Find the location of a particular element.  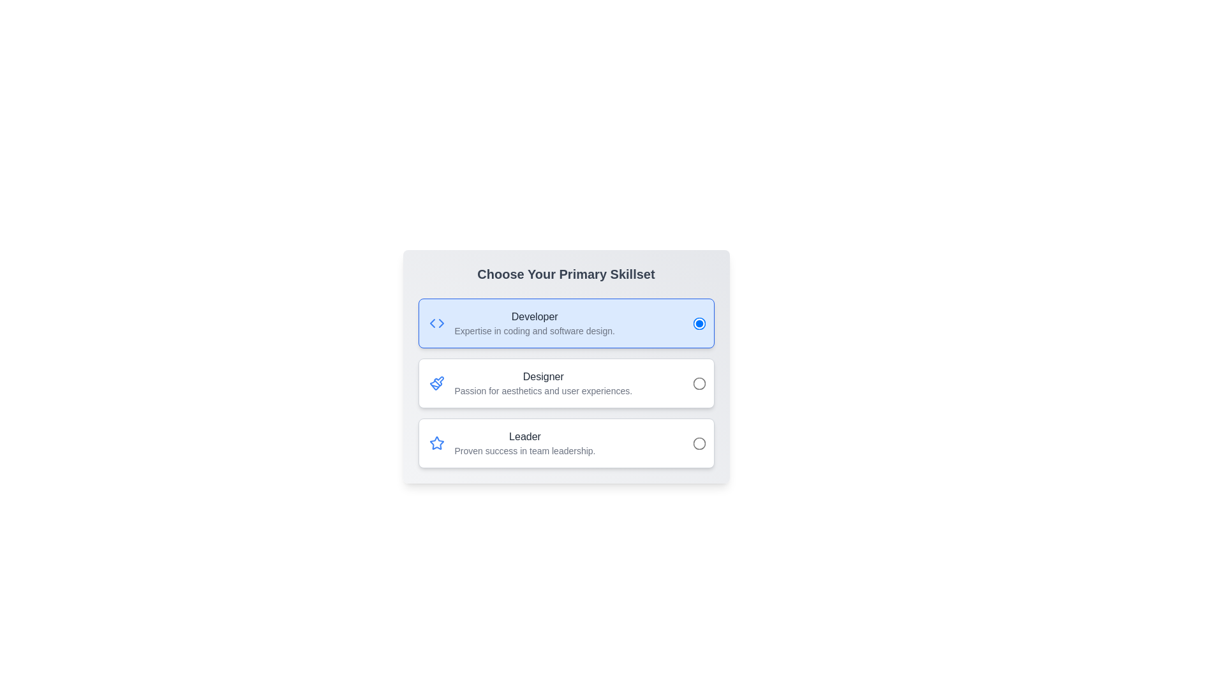

'Leader' radio button located on the right side of its card in the vertical list of skillset options is located at coordinates (698, 442).